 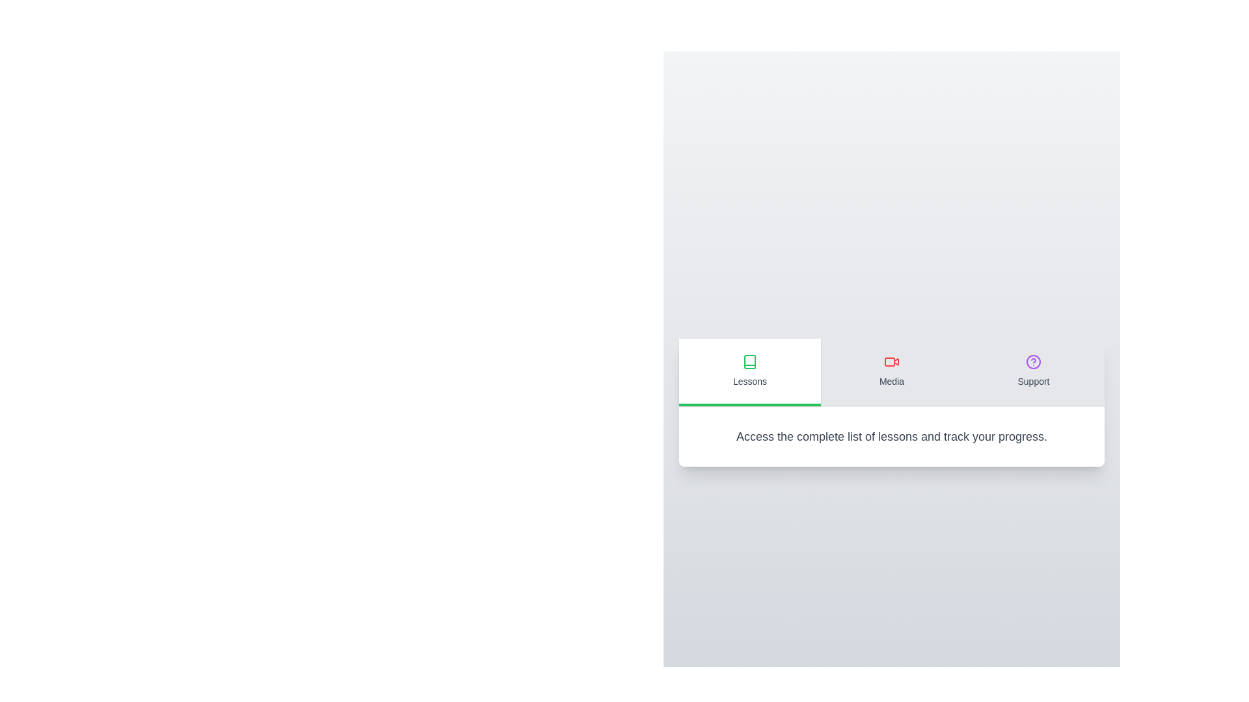 What do you see at coordinates (1032, 372) in the screenshot?
I see `the Support tab by clicking on its button` at bounding box center [1032, 372].